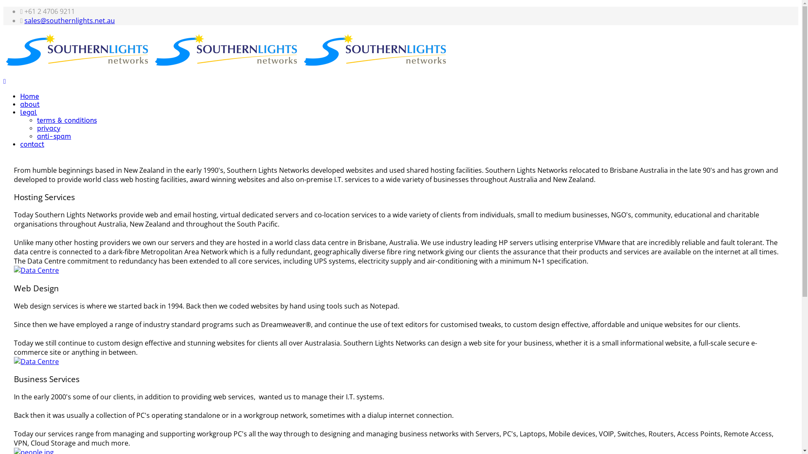 The width and height of the screenshot is (808, 454). What do you see at coordinates (48, 128) in the screenshot?
I see `'privacy'` at bounding box center [48, 128].